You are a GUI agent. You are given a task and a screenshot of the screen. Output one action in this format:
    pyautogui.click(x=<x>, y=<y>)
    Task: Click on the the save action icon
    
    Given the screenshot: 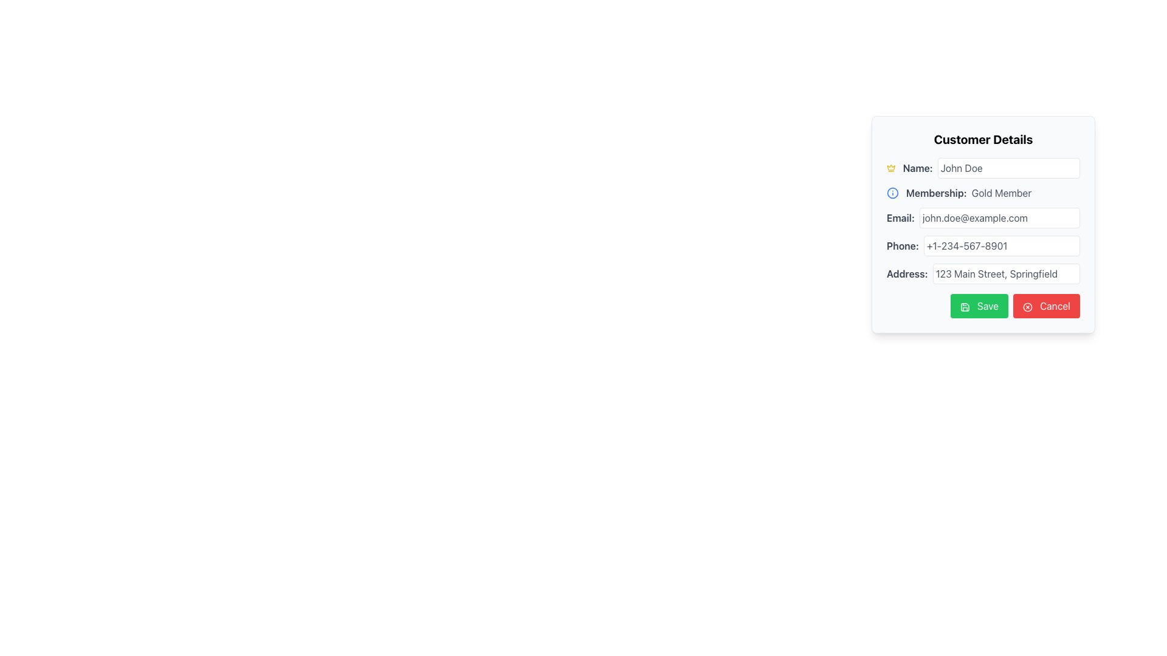 What is the action you would take?
    pyautogui.click(x=964, y=306)
    